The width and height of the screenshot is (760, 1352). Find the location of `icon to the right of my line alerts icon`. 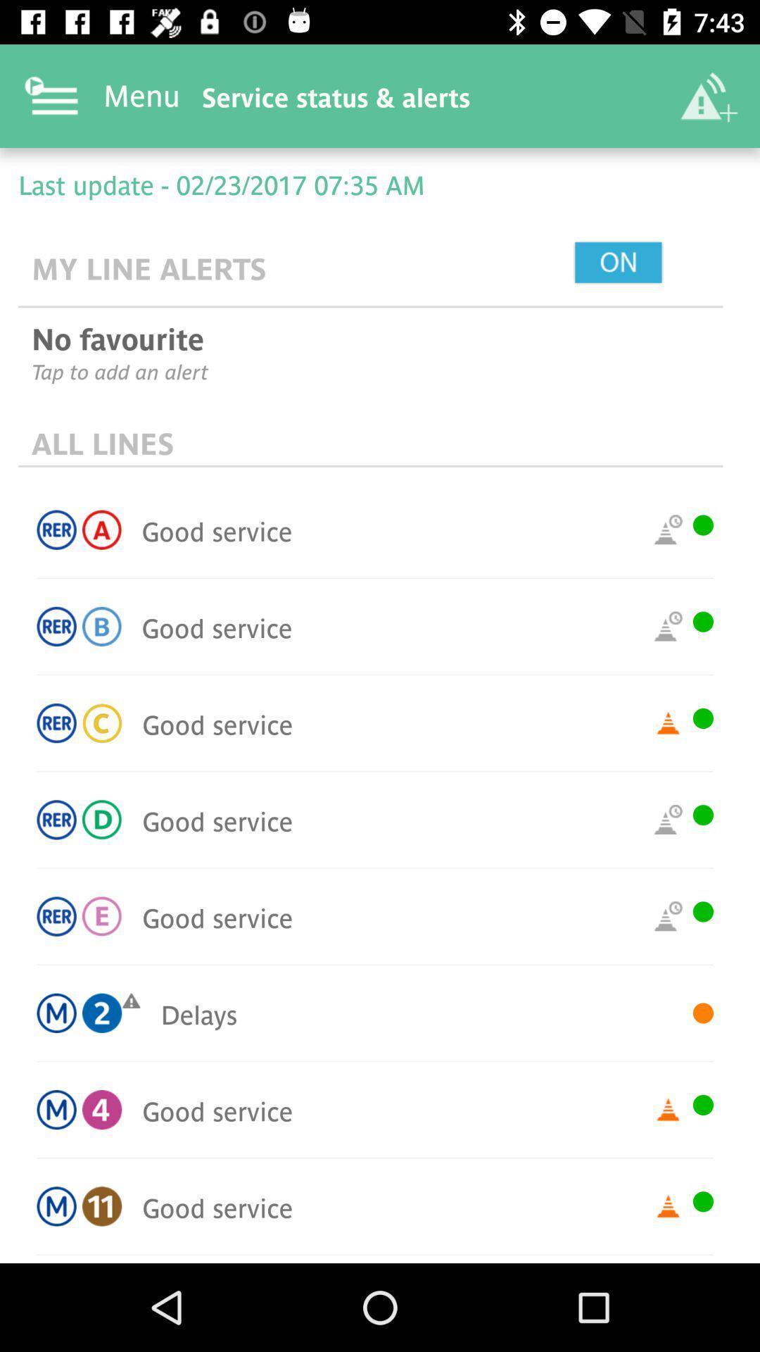

icon to the right of my line alerts icon is located at coordinates (650, 263).